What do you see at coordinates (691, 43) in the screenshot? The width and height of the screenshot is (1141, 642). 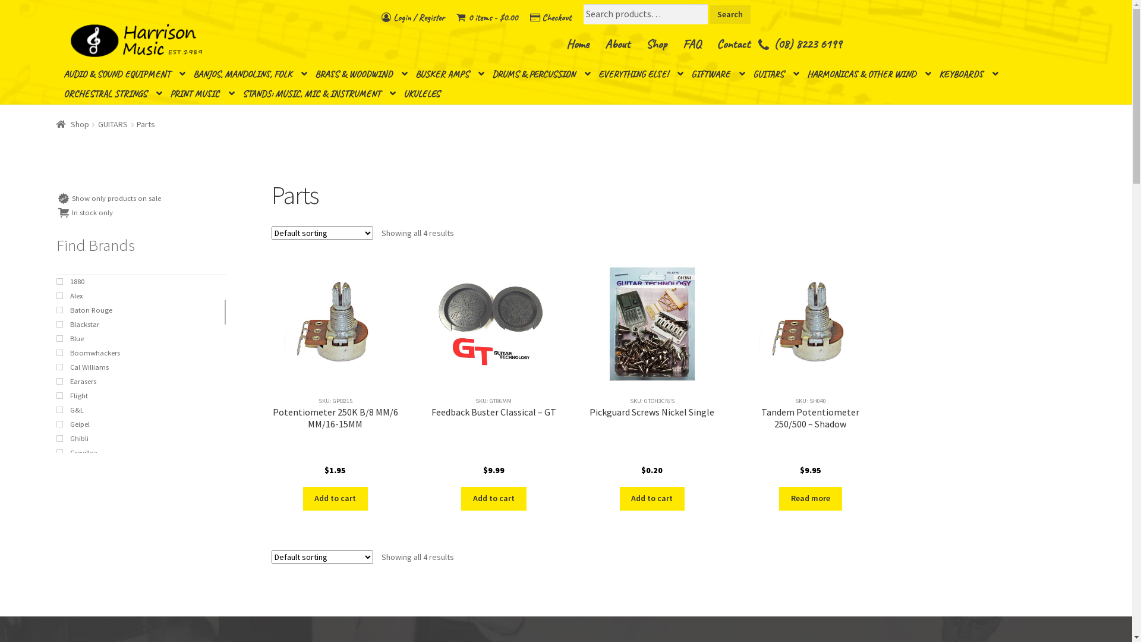 I see `'FAQ'` at bounding box center [691, 43].